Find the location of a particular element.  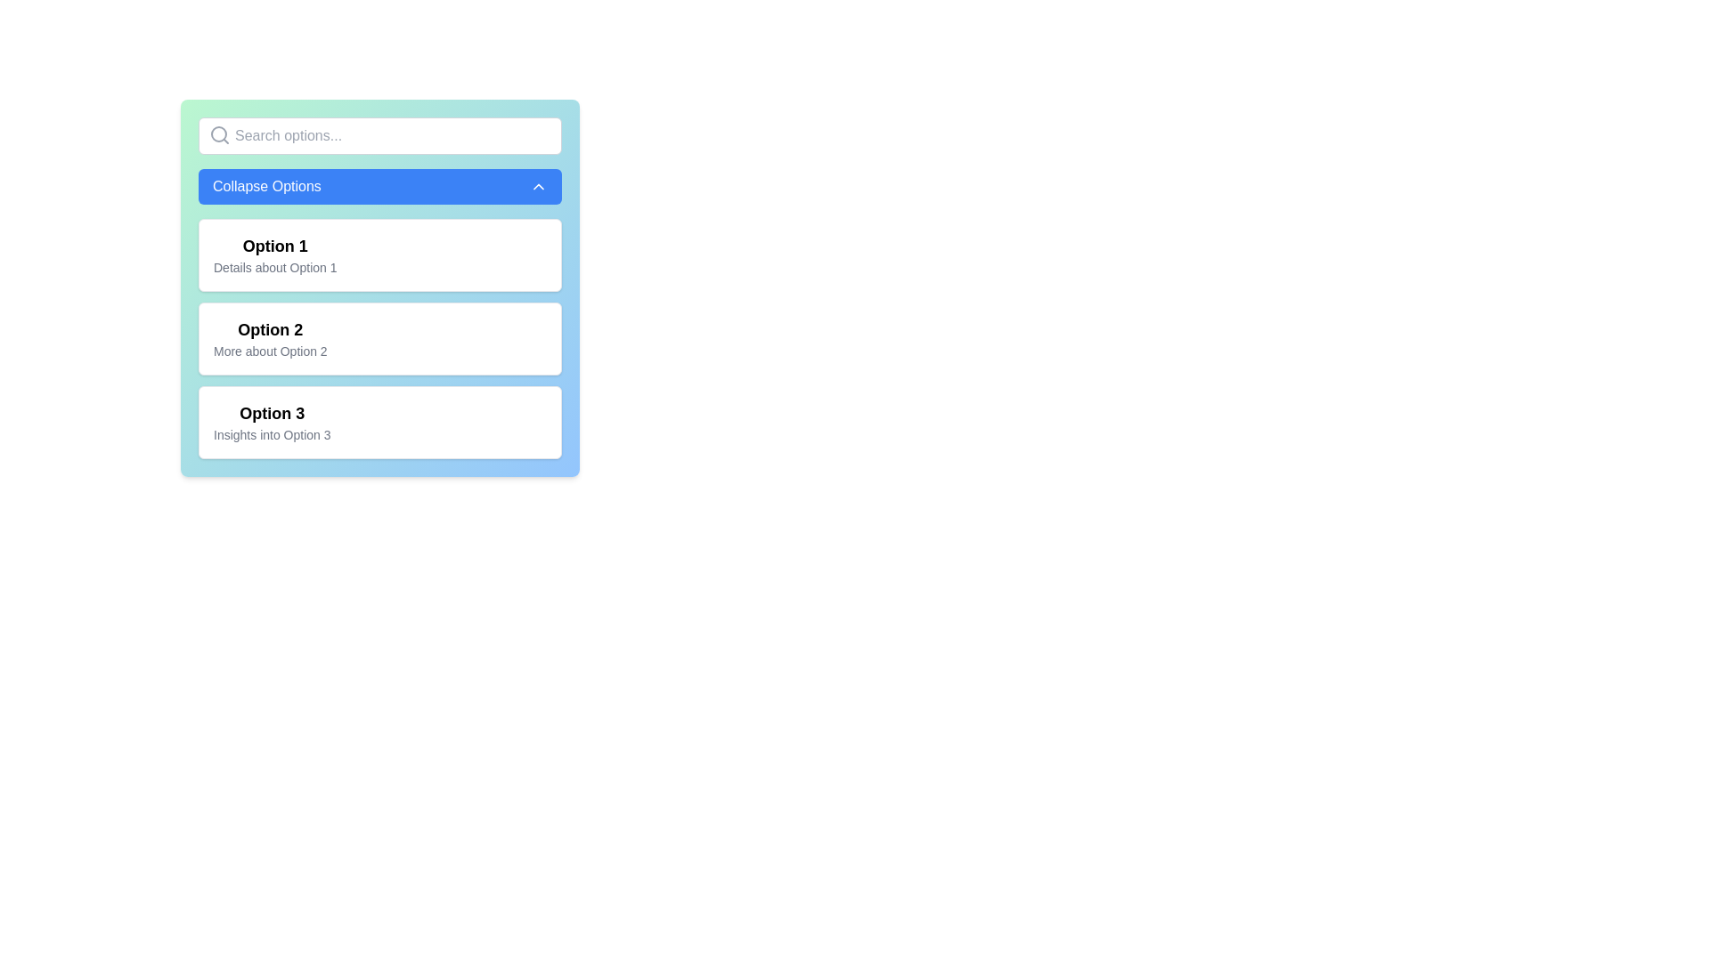

the list item labeled 'Option 2' is located at coordinates (269, 339).